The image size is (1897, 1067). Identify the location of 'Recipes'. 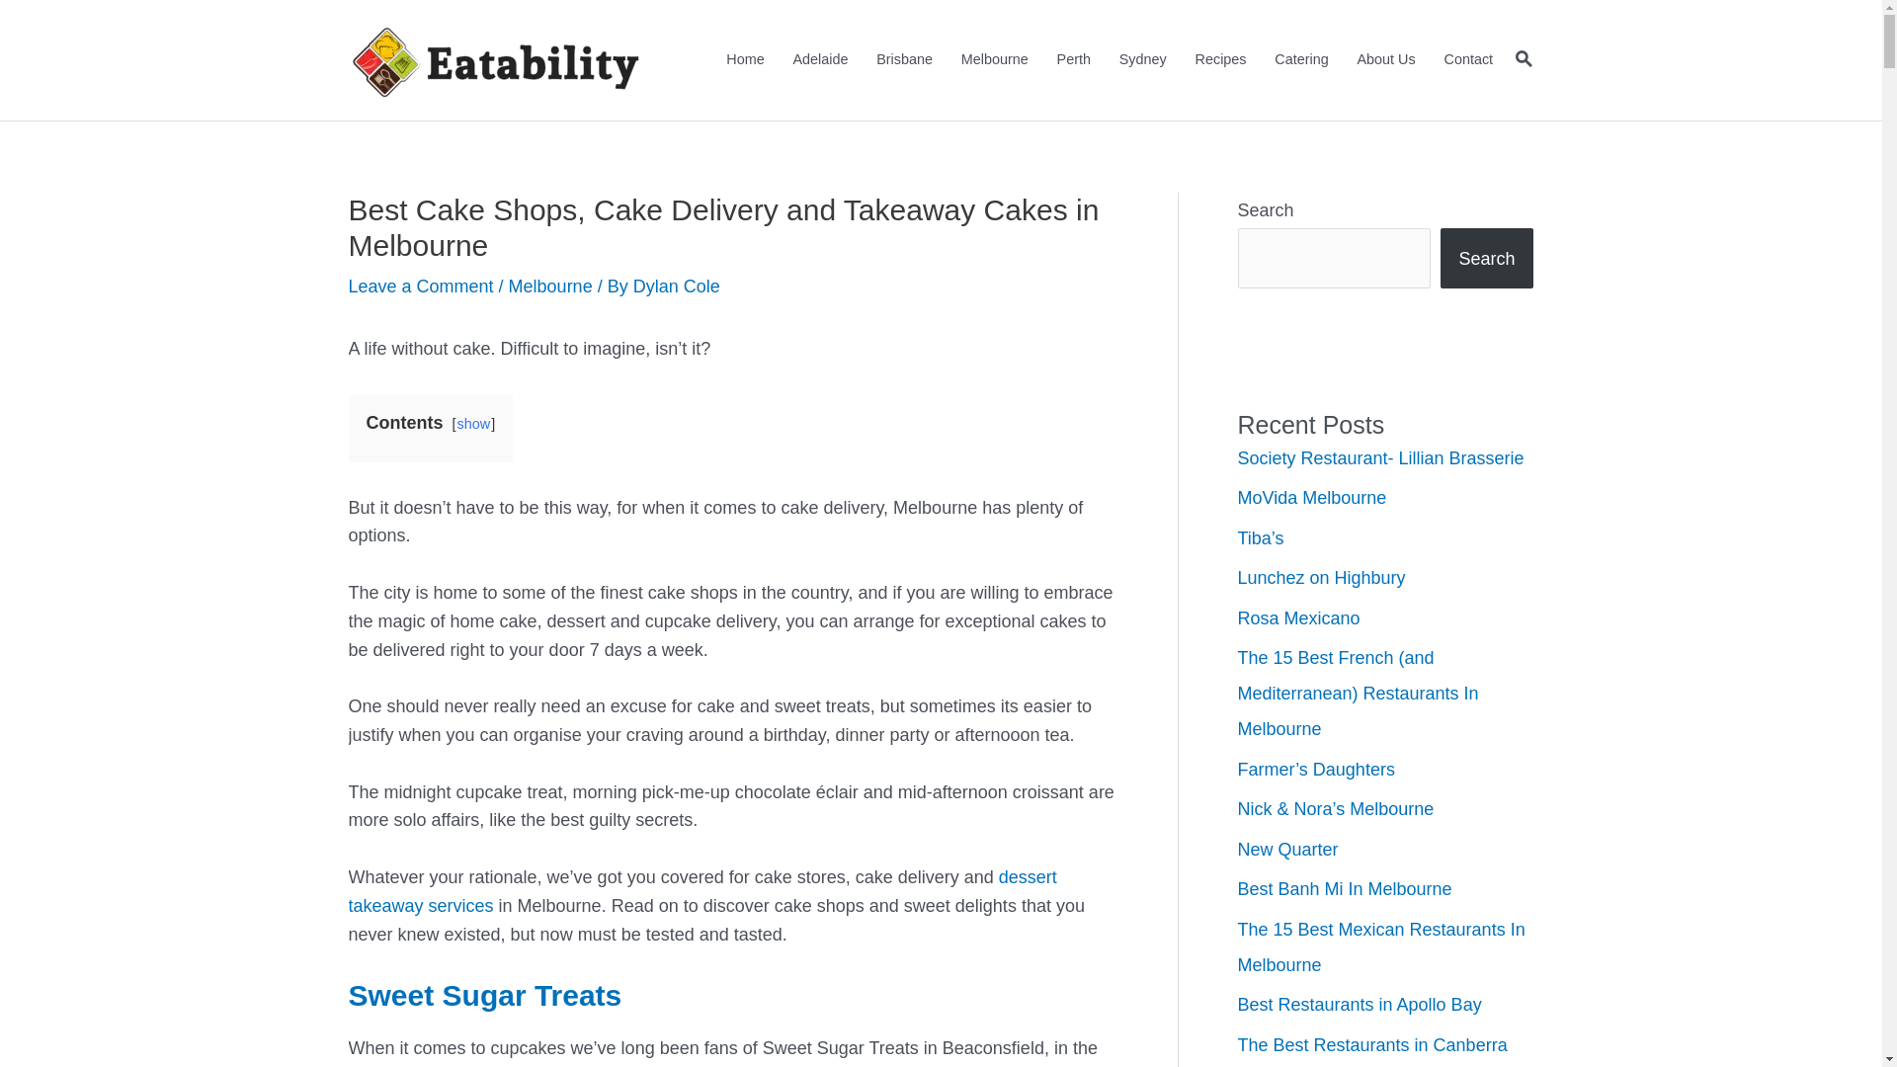
(1219, 59).